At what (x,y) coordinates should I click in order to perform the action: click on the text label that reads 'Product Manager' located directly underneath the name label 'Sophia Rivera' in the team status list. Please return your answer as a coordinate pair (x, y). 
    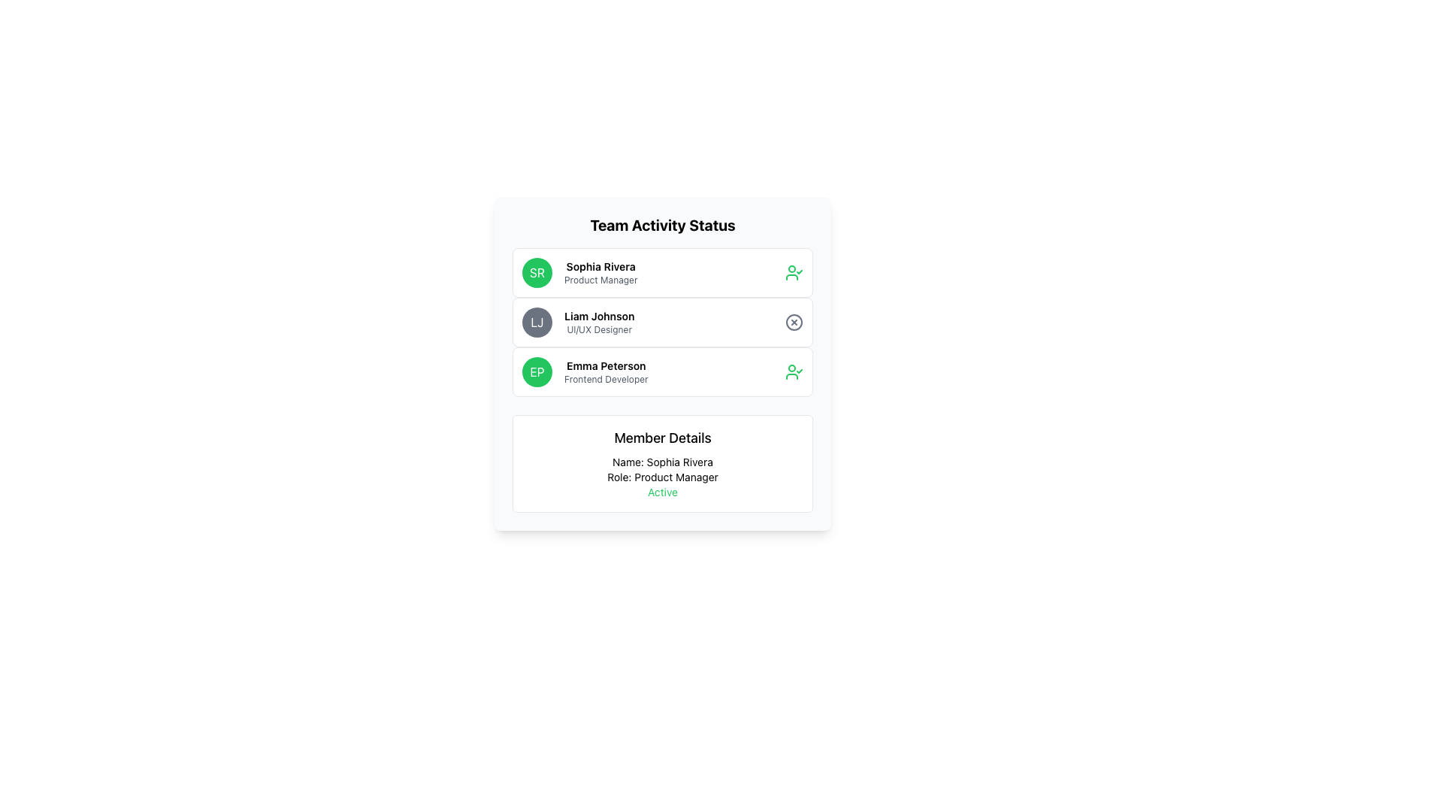
    Looking at the image, I should click on (600, 280).